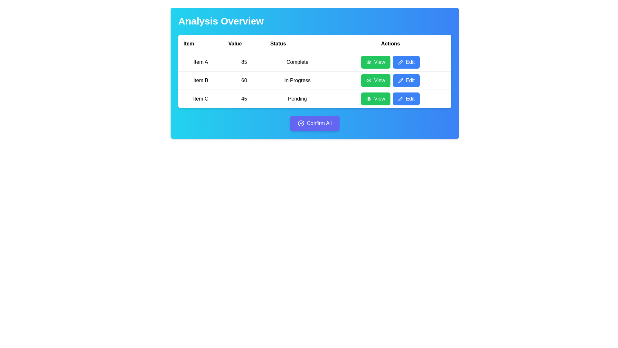  I want to click on the text element displaying 'Pending' in the 'Status' column of the row titled 'Item C' in the 'Analysis Overview' table, so click(297, 99).